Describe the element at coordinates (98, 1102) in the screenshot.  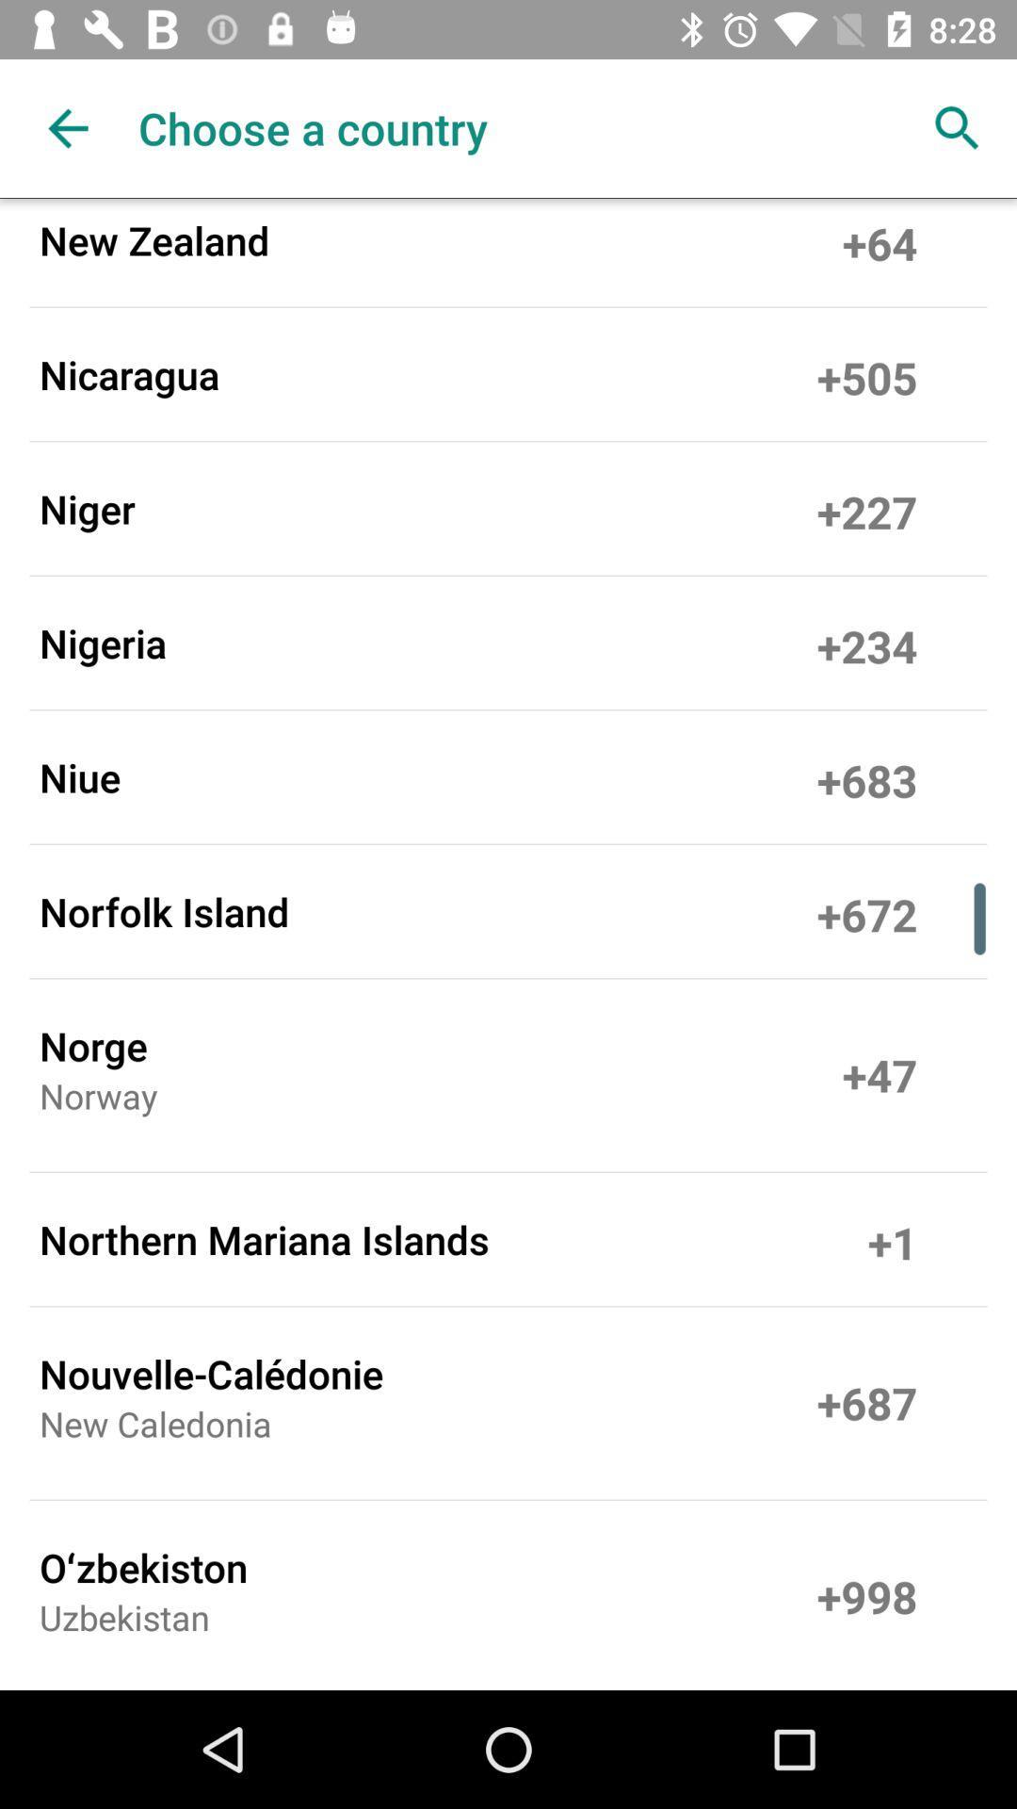
I see `item below norge item` at that location.